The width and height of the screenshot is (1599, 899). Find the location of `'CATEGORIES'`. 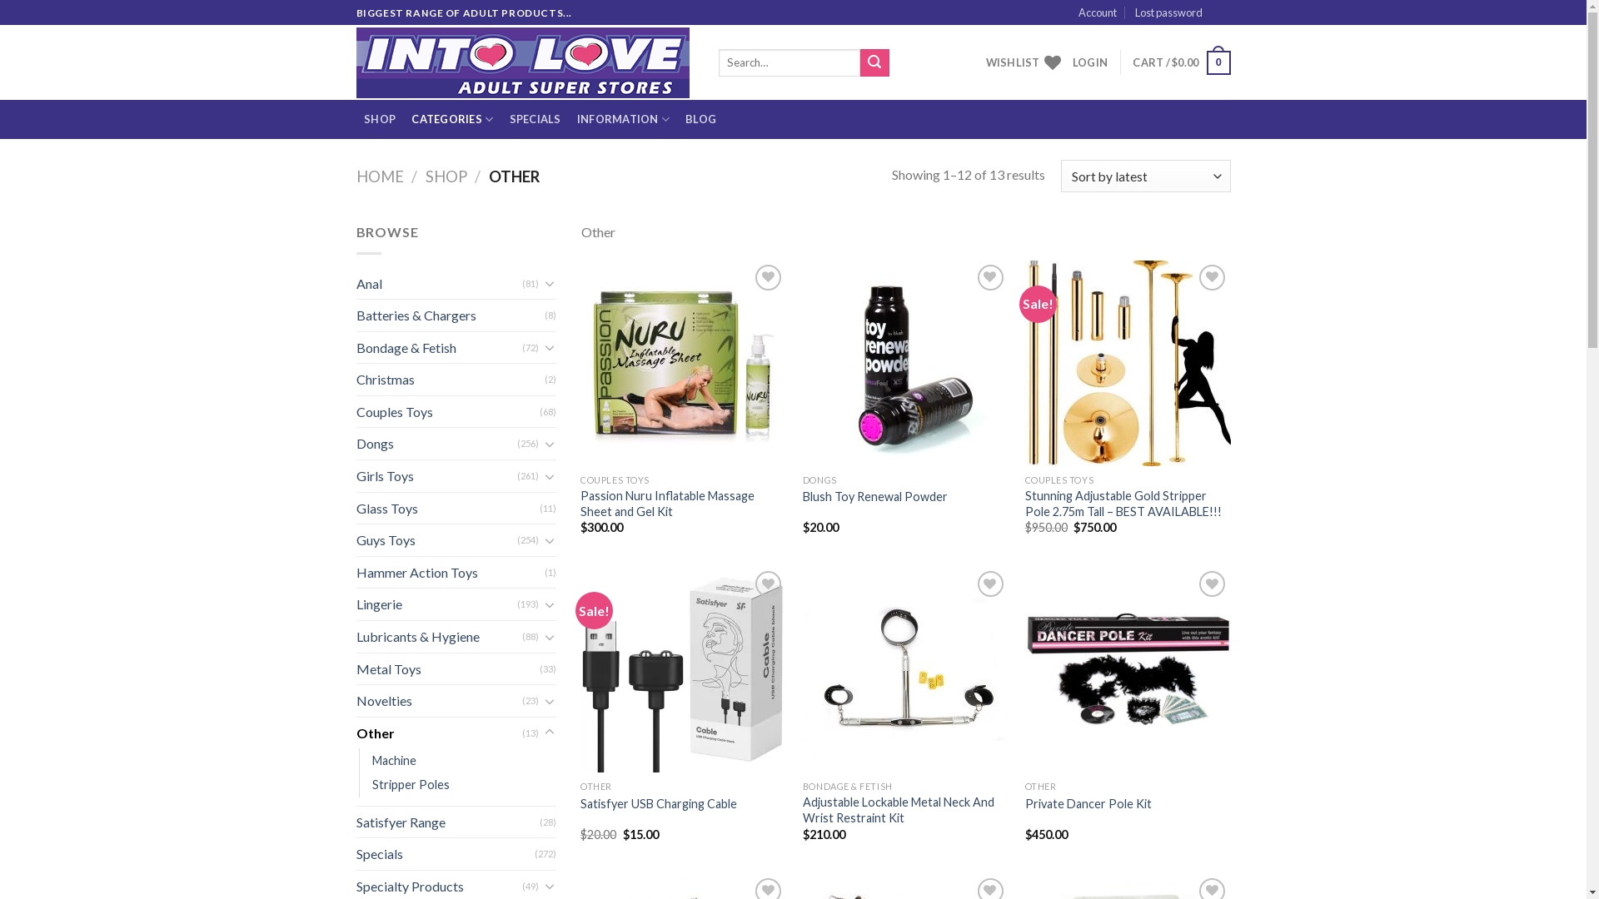

'CATEGORIES' is located at coordinates (452, 118).